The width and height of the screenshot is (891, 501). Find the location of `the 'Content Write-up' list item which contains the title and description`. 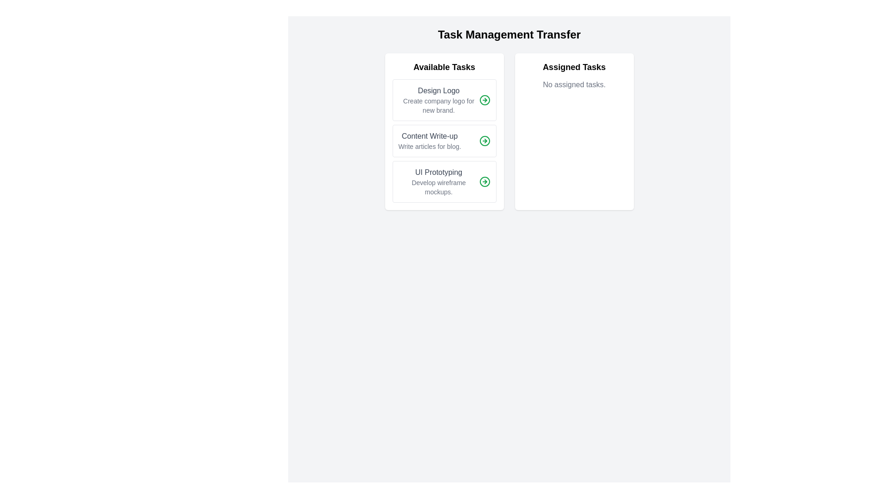

the 'Content Write-up' list item which contains the title and description is located at coordinates (444, 141).